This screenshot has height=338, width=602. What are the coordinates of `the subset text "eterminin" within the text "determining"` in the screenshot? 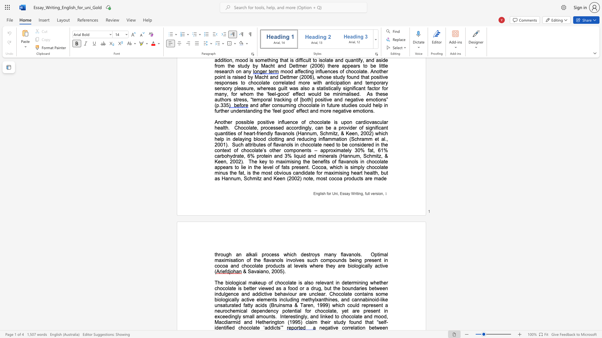 It's located at (344, 283).